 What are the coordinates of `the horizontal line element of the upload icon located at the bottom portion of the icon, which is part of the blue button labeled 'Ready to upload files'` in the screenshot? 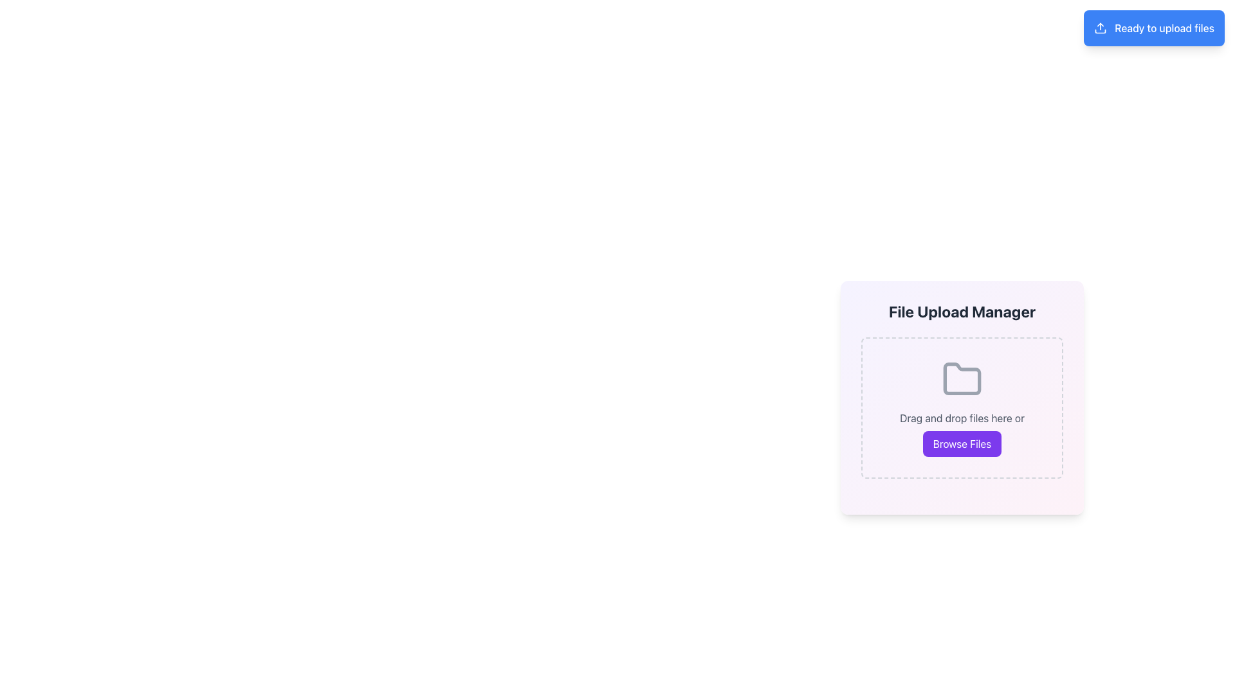 It's located at (1100, 31).